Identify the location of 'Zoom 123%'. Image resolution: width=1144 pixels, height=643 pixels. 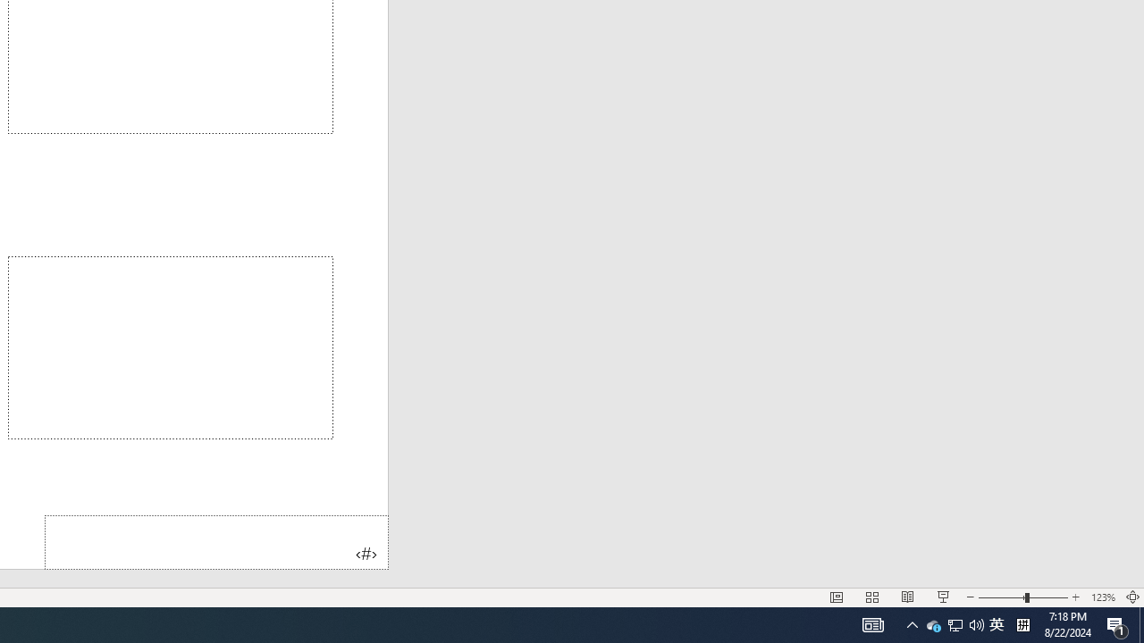
(1102, 597).